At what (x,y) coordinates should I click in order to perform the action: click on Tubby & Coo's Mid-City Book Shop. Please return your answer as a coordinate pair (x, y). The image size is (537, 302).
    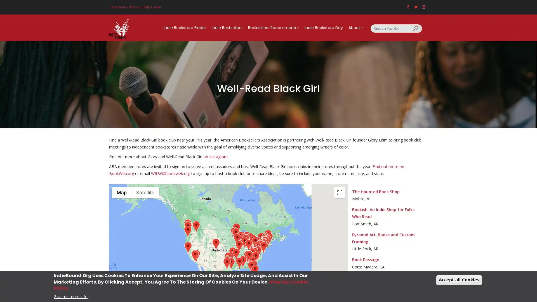
    Looking at the image, I should click on (239, 263).